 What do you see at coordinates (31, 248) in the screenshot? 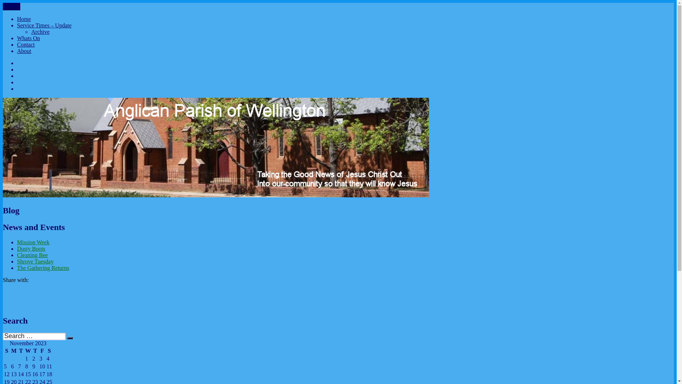
I see `'Dusty Boots'` at bounding box center [31, 248].